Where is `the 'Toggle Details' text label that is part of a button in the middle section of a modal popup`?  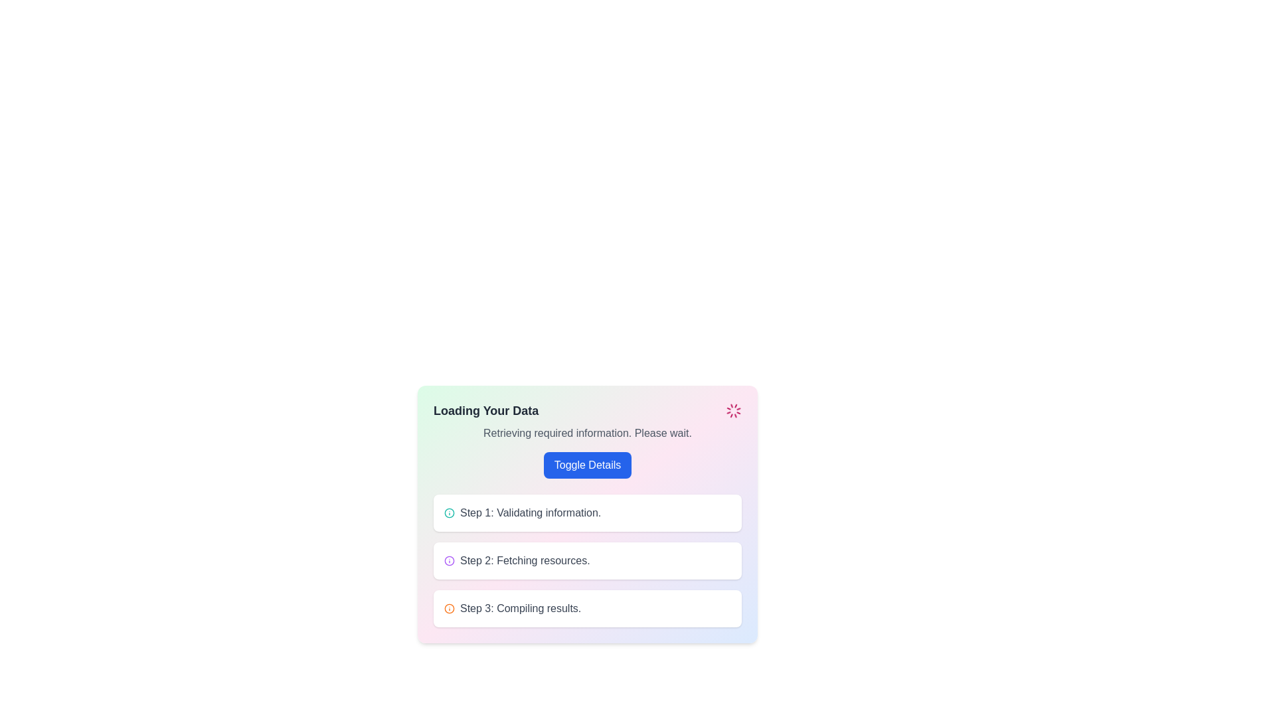 the 'Toggle Details' text label that is part of a button in the middle section of a modal popup is located at coordinates (586, 465).